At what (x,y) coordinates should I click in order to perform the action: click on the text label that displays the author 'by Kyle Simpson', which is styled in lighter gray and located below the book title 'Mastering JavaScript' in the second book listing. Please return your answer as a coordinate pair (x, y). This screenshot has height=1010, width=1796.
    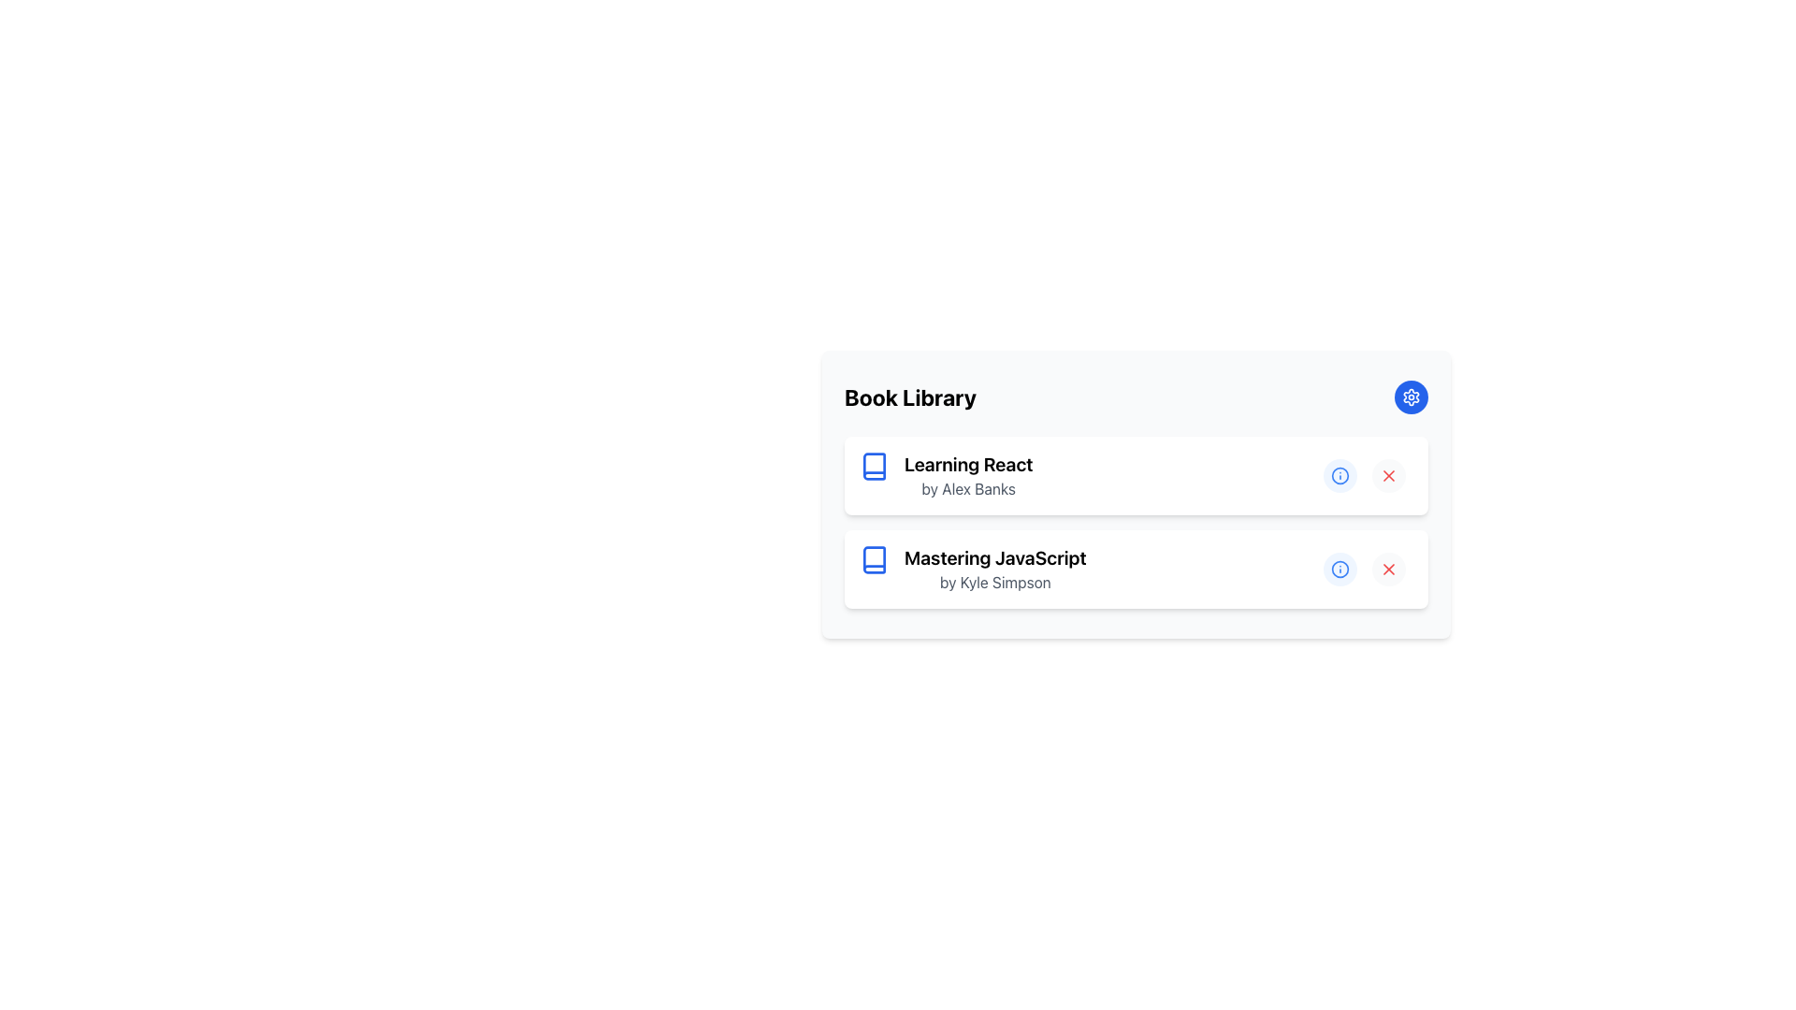
    Looking at the image, I should click on (994, 582).